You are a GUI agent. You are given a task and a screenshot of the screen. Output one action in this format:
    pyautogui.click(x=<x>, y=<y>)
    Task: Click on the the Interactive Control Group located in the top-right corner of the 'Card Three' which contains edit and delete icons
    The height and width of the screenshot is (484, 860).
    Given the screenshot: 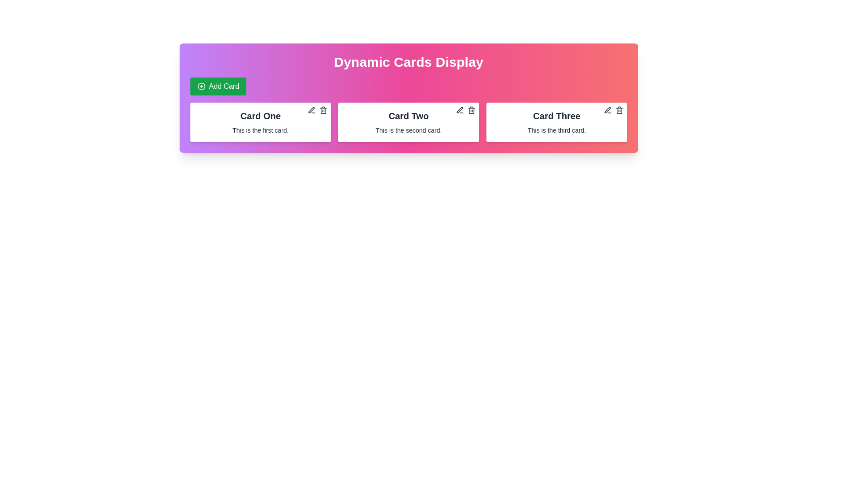 What is the action you would take?
    pyautogui.click(x=613, y=110)
    